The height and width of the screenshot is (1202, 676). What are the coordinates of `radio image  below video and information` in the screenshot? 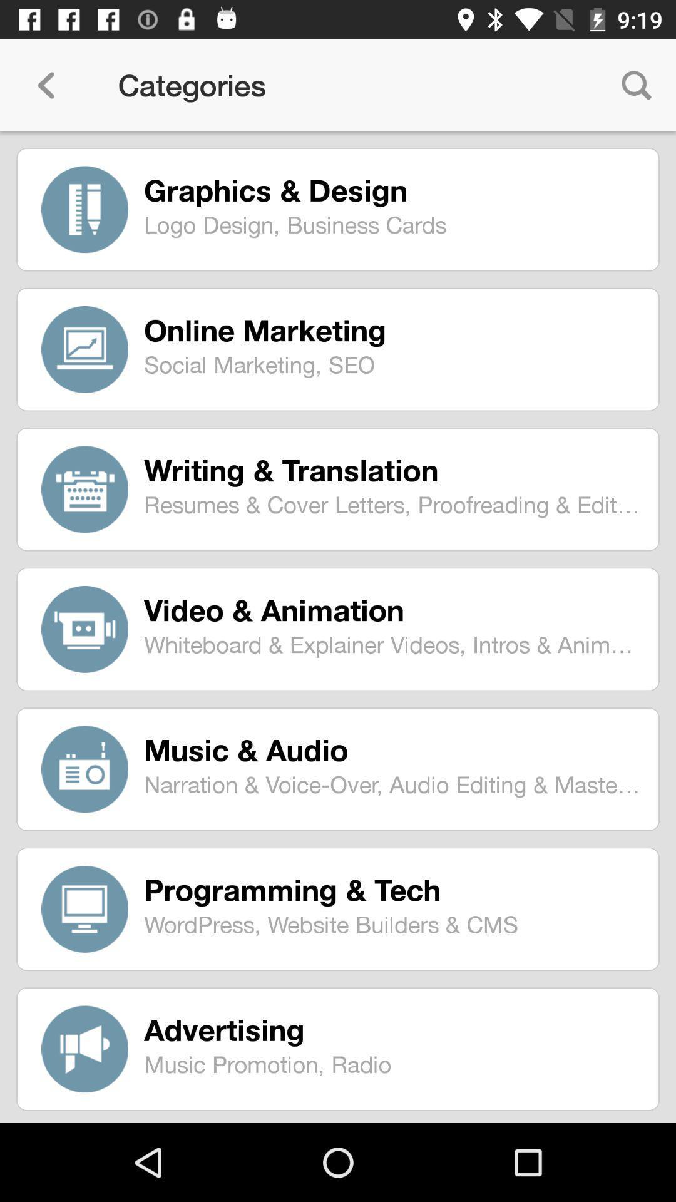 It's located at (84, 768).